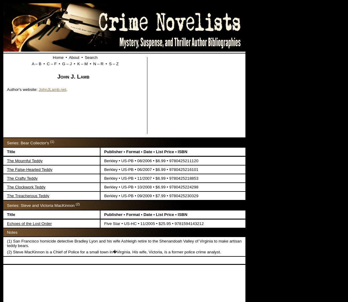 This screenshot has width=348, height=302. What do you see at coordinates (151, 187) in the screenshot?
I see `'Berkley • US-PB • 10/2008 • $6.99 • 9780425224298'` at bounding box center [151, 187].